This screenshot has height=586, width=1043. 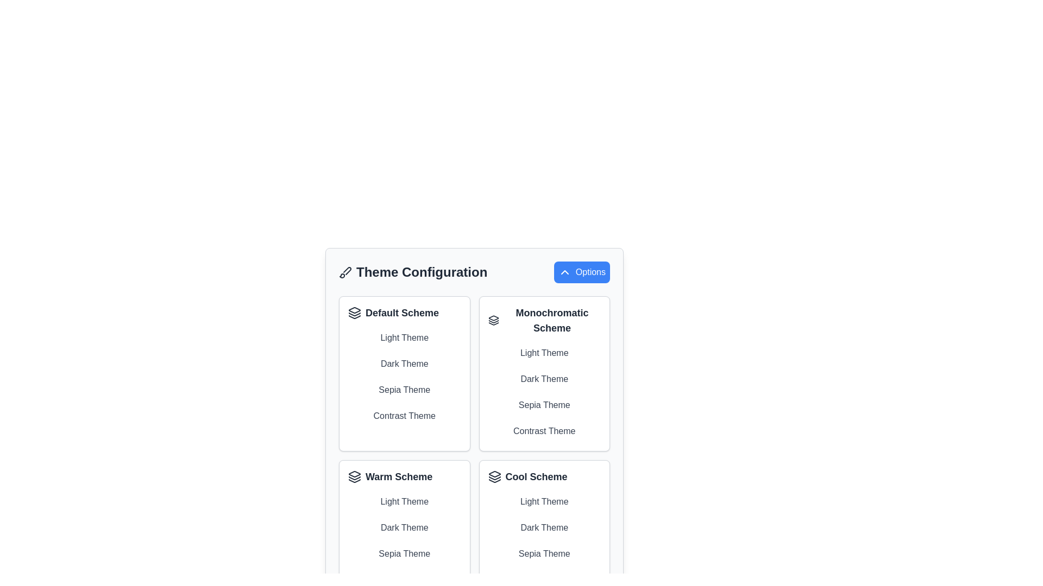 I want to click on the fourth item in the vertical list of theme options labeled 'Contrast Theme' within the 'Theme Configuration' section, so click(x=404, y=416).